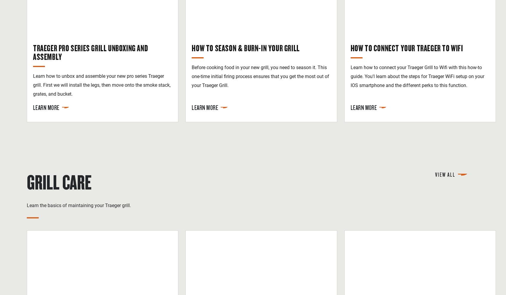  What do you see at coordinates (406, 47) in the screenshot?
I see `'How to Connect Your Traeger To Wifi'` at bounding box center [406, 47].